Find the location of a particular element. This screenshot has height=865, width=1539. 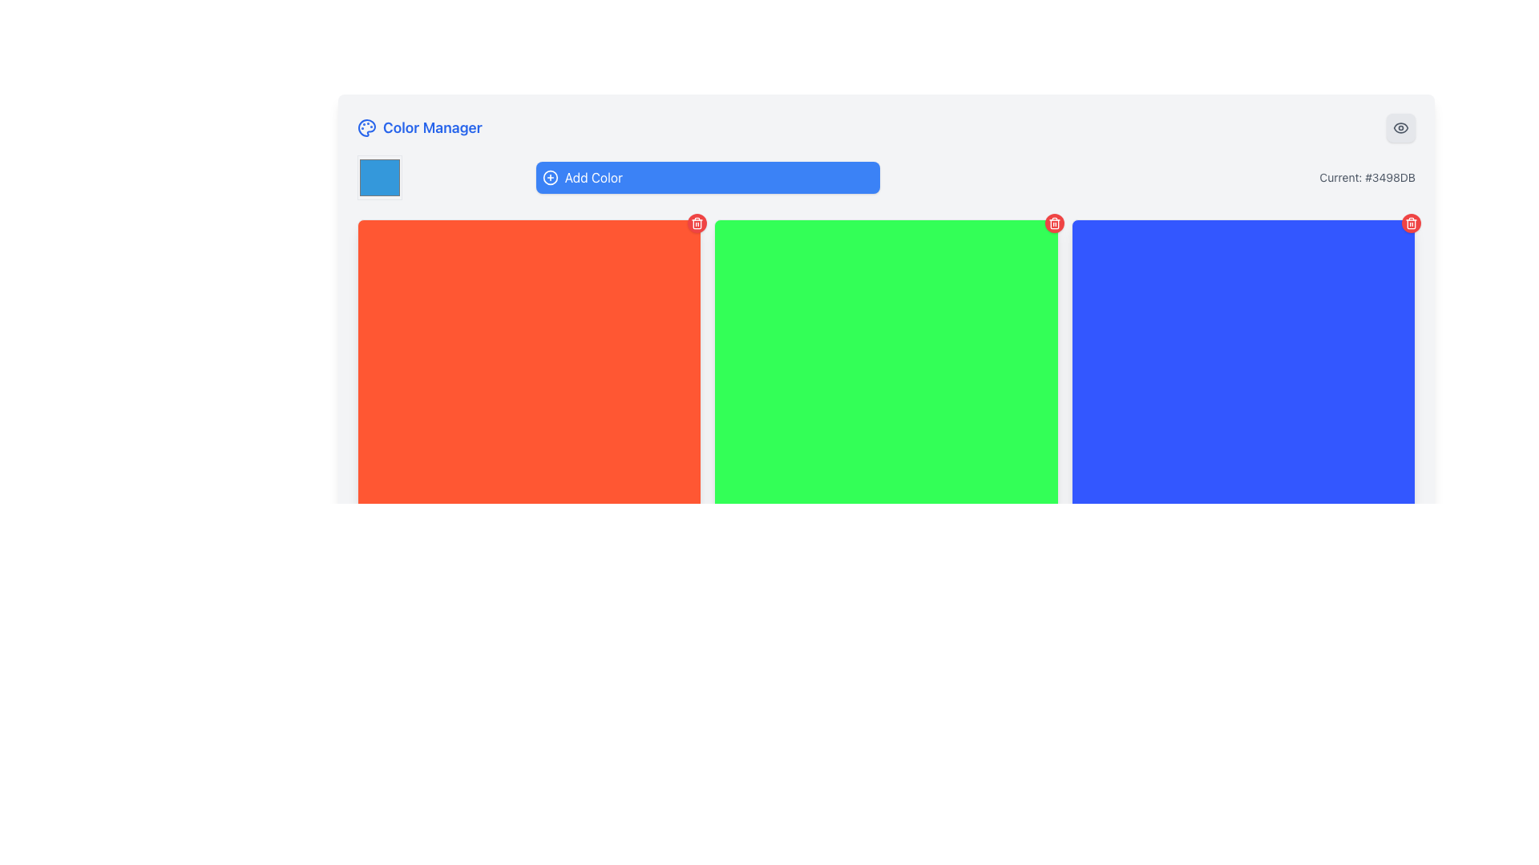

the decorative icon representing color management, located to the left of the 'Color Manager' text in the header section is located at coordinates (366, 127).